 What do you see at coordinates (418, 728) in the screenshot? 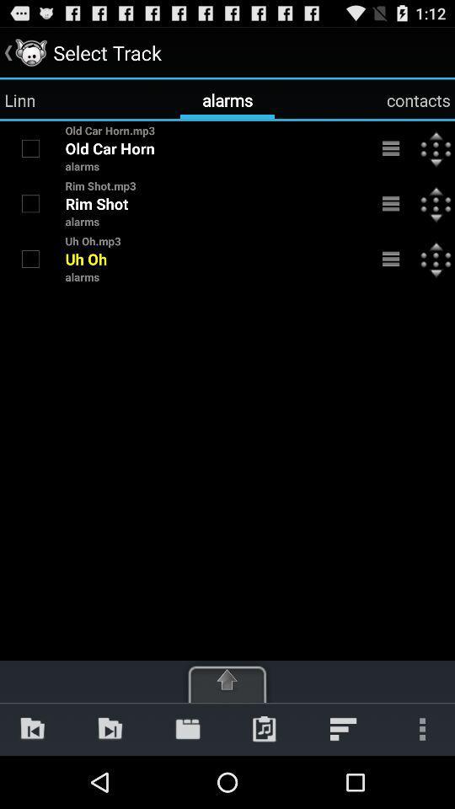
I see `the three dots present in right side corner from the bottom` at bounding box center [418, 728].